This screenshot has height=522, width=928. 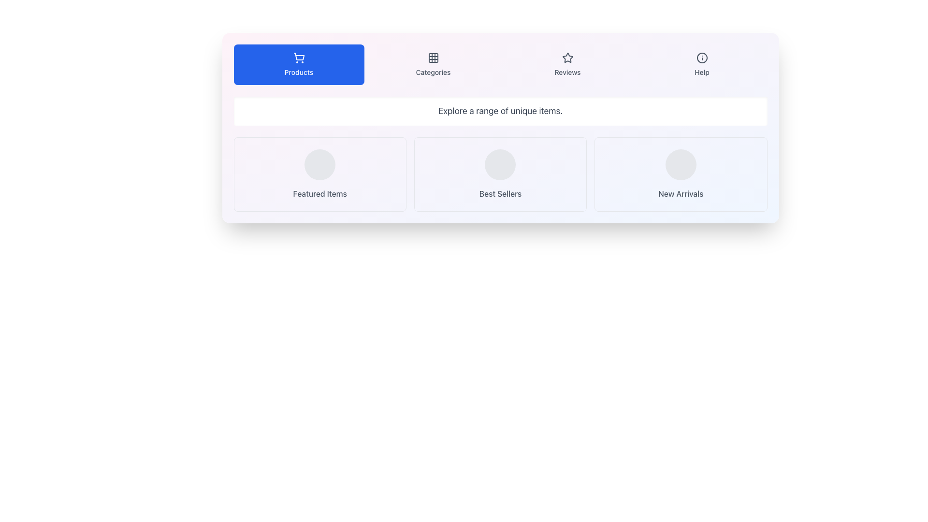 I want to click on the grid icon located above the 'Categories' label in the navigation bar, so click(x=433, y=58).